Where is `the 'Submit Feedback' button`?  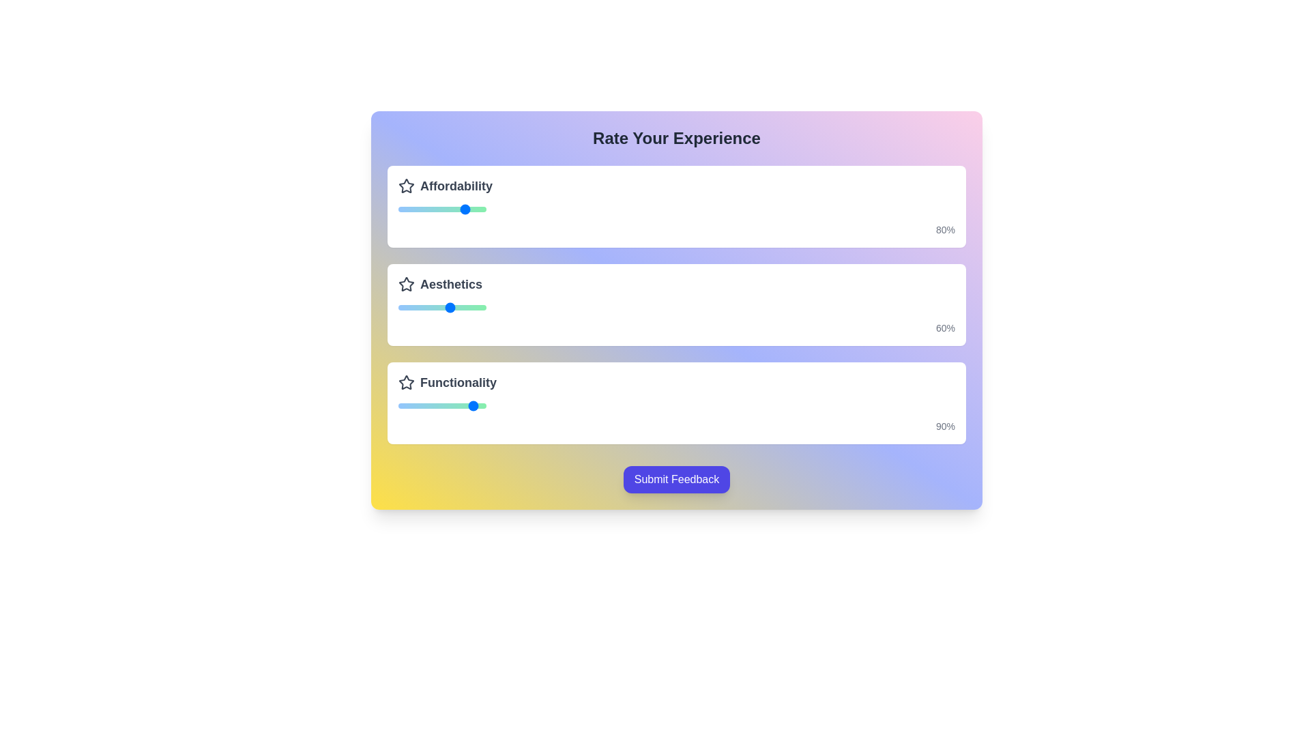
the 'Submit Feedback' button is located at coordinates (677, 478).